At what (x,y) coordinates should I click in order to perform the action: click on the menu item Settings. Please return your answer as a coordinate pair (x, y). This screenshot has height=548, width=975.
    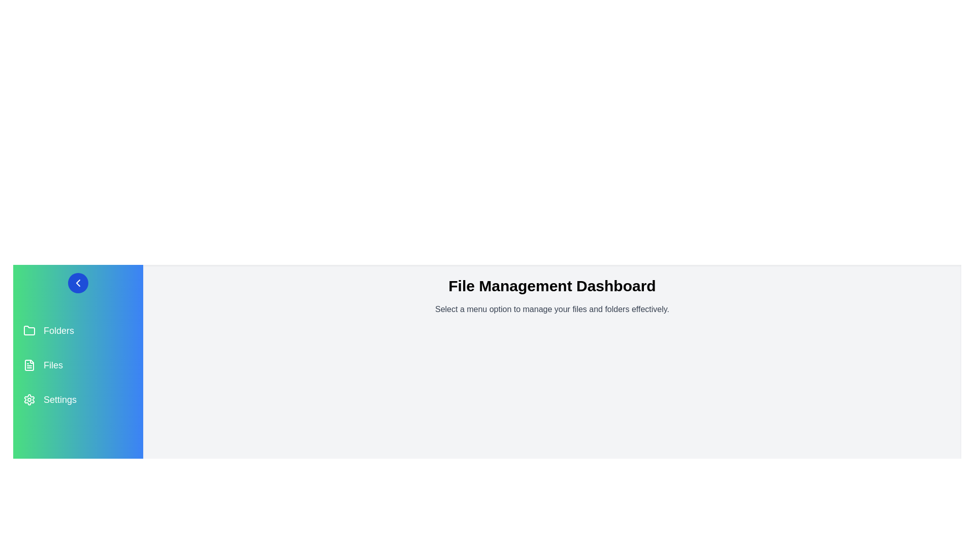
    Looking at the image, I should click on (77, 399).